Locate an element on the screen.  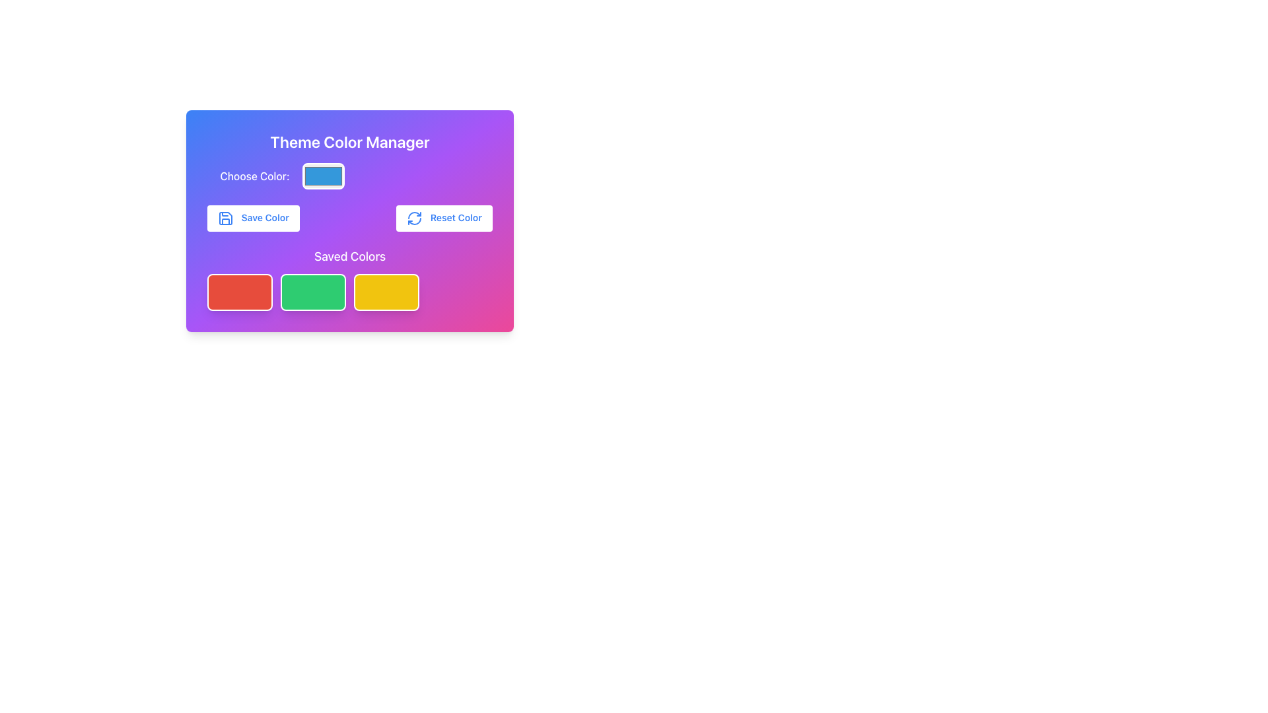
the reset action icon located within the 'Reset Color' button is located at coordinates (414, 218).